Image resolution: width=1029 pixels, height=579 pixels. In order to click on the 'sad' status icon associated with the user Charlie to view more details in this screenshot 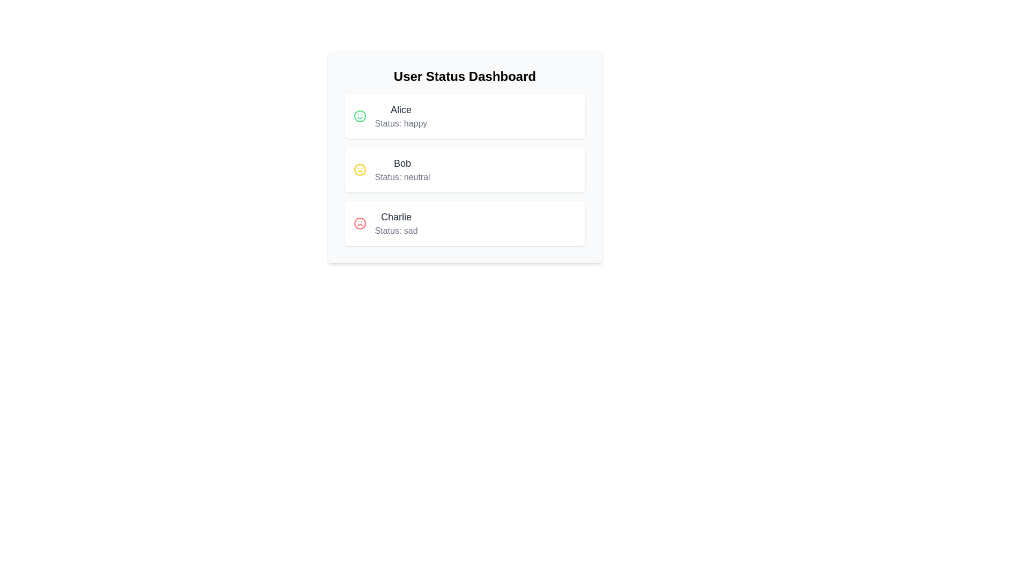, I will do `click(360, 222)`.